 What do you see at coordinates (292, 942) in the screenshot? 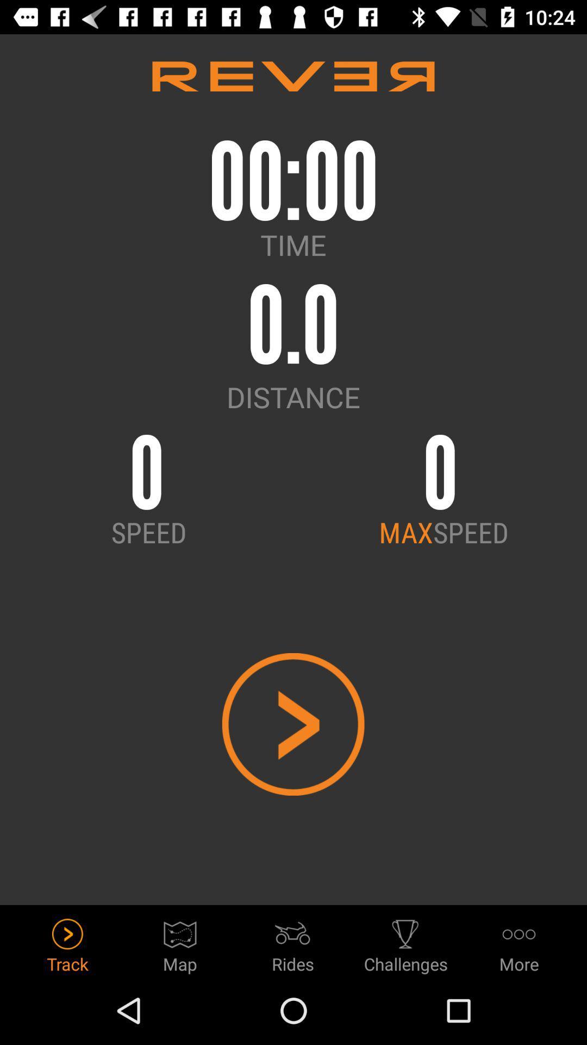
I see `item to the left of the challenges item` at bounding box center [292, 942].